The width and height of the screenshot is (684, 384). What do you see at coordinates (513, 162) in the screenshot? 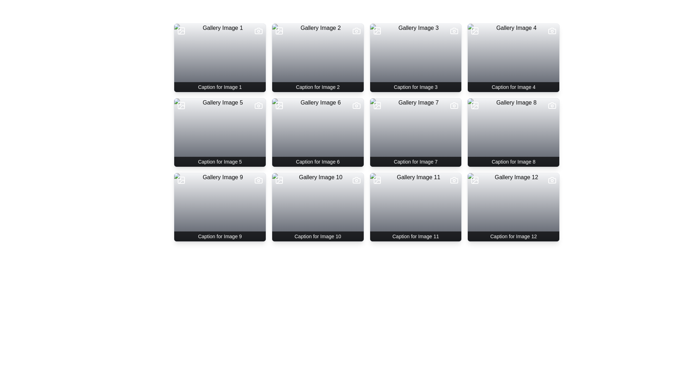
I see `the descriptive text caption for the image titled 'Gallery Image 8', located at the bottom of the image tile in the fourth row and second column of the grid` at bounding box center [513, 162].